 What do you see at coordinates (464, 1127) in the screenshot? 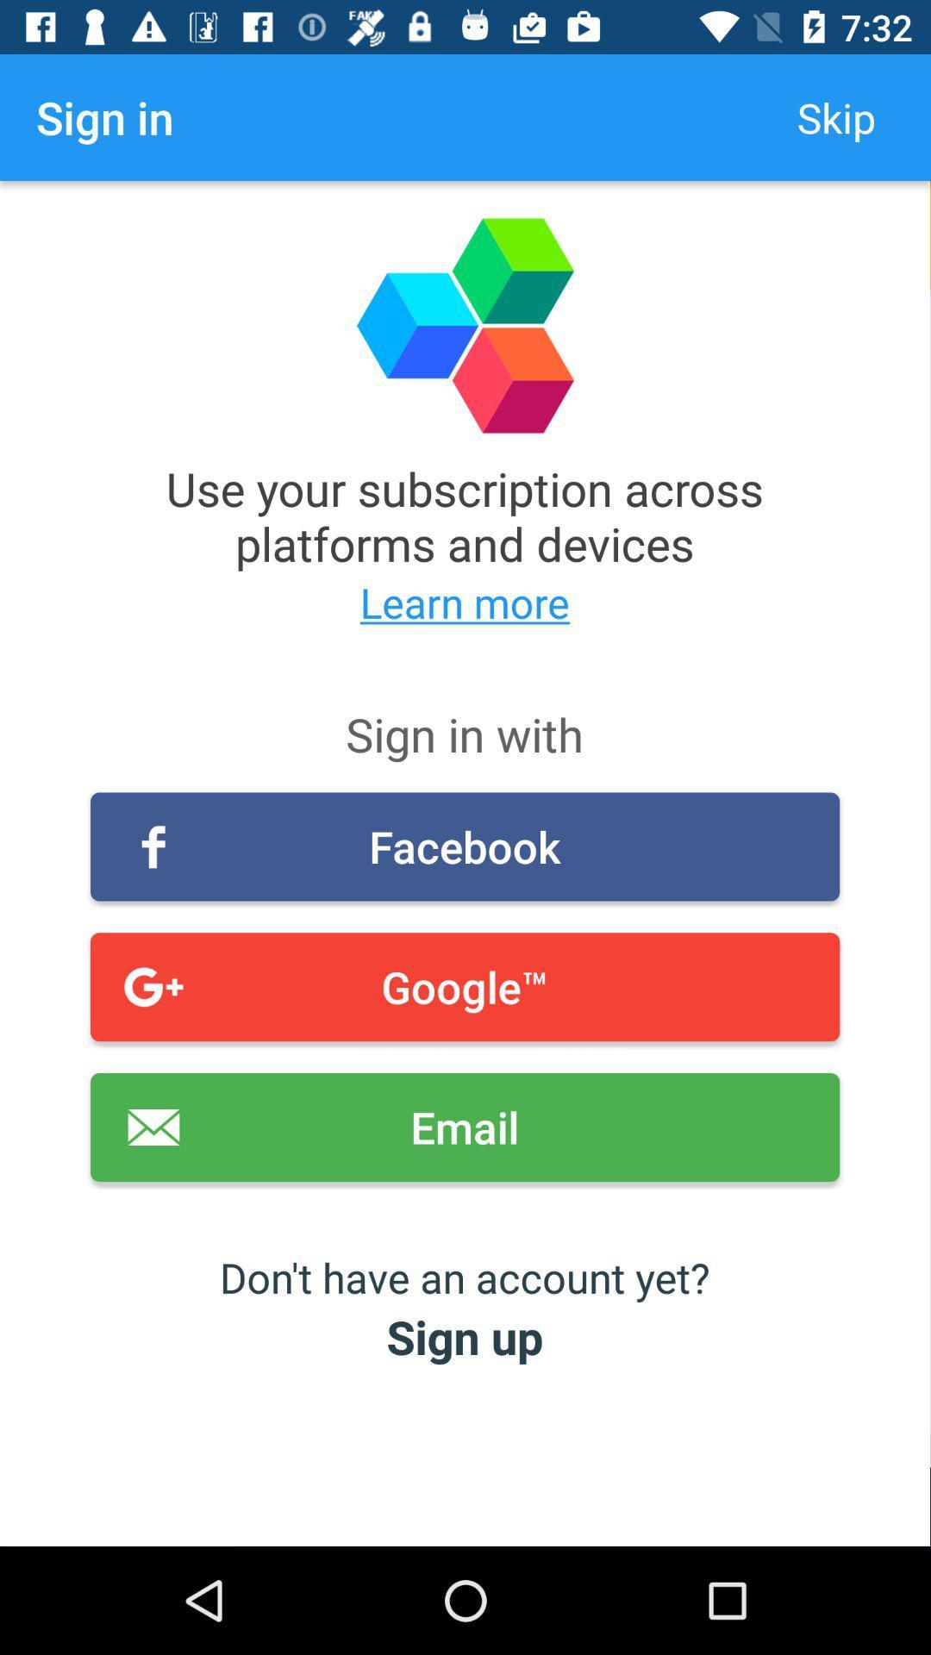
I see `icon above the don t have item` at bounding box center [464, 1127].